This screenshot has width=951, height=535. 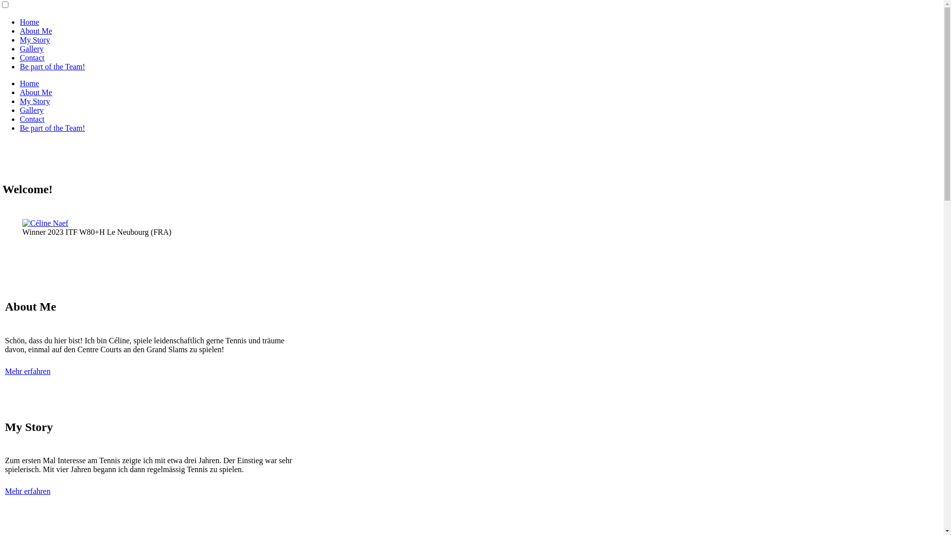 I want to click on 'Mehr erfahren', so click(x=28, y=491).